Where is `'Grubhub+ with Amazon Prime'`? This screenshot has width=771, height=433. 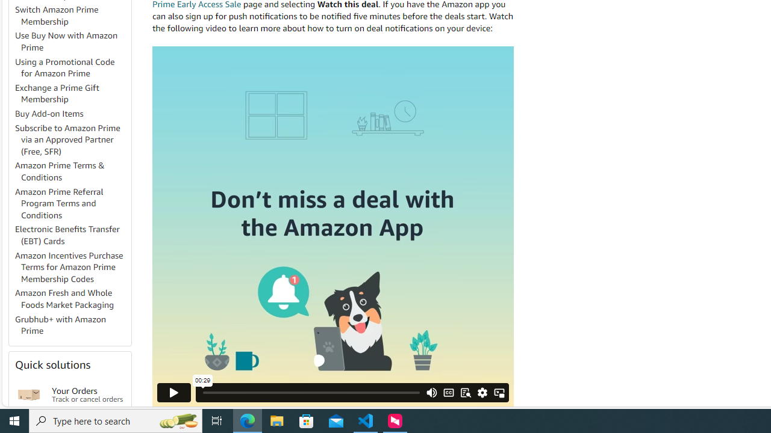 'Grubhub+ with Amazon Prime' is located at coordinates (72, 325).